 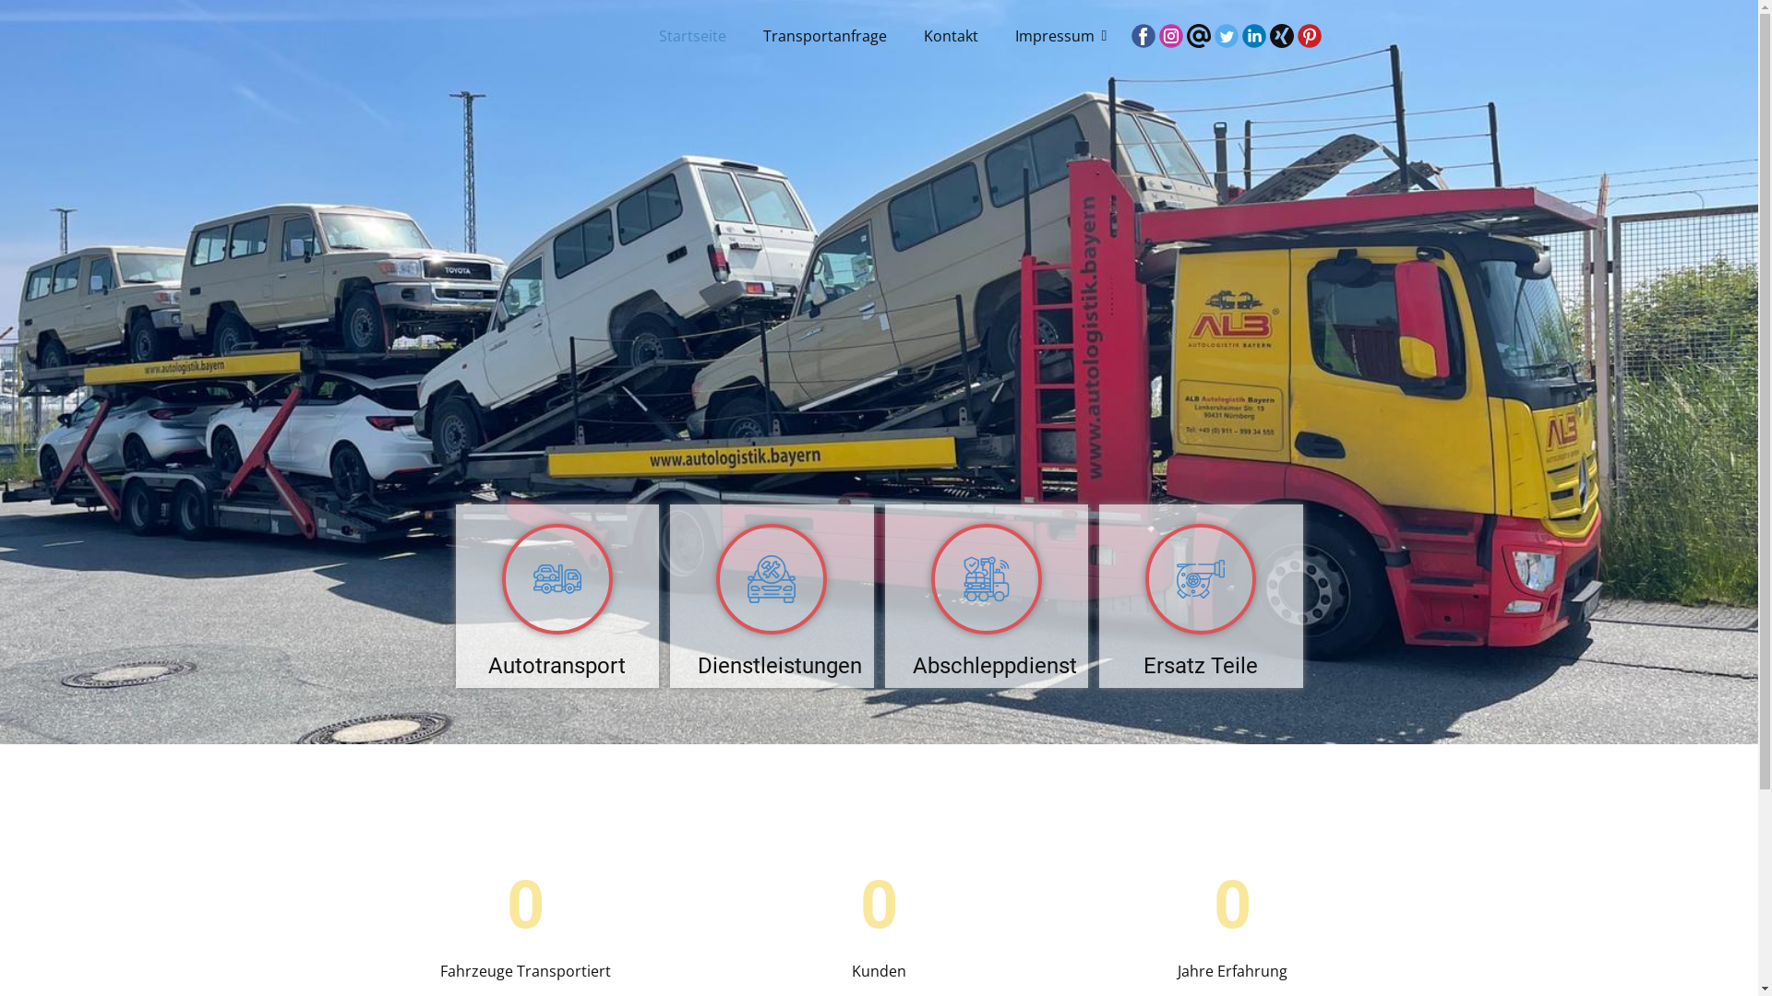 I want to click on 'Mail', so click(x=1199, y=35).